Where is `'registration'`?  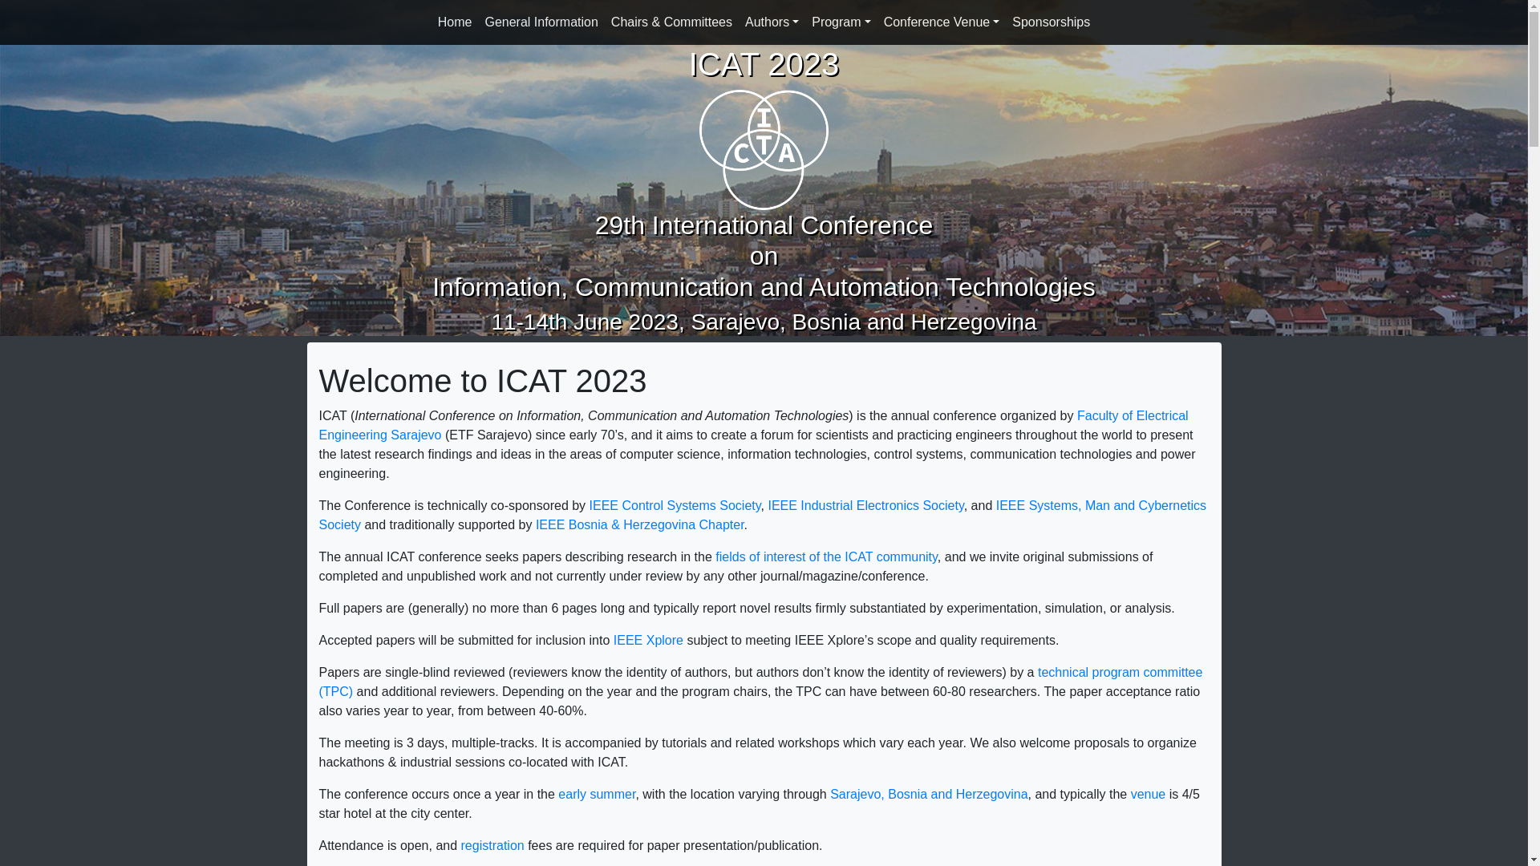
'registration' is located at coordinates (492, 844).